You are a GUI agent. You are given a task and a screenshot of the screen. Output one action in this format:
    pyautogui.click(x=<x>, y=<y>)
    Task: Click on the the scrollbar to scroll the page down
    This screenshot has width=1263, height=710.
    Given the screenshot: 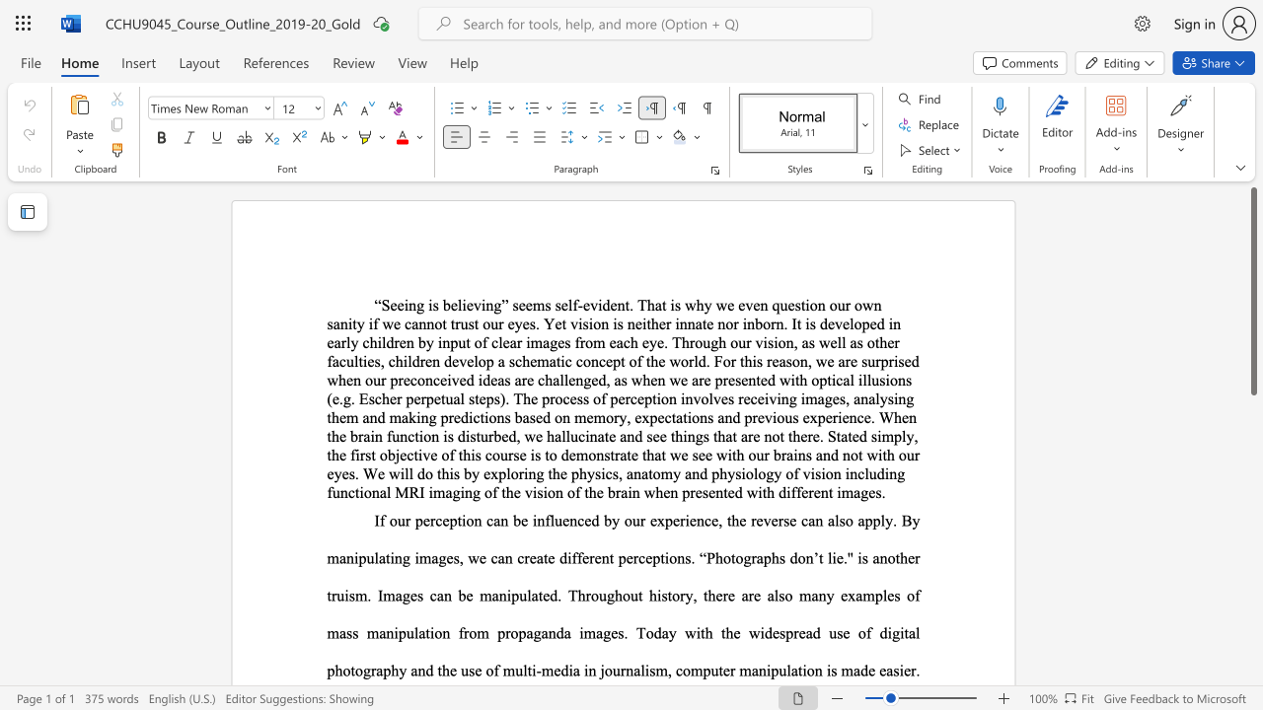 What is the action you would take?
    pyautogui.click(x=1252, y=521)
    